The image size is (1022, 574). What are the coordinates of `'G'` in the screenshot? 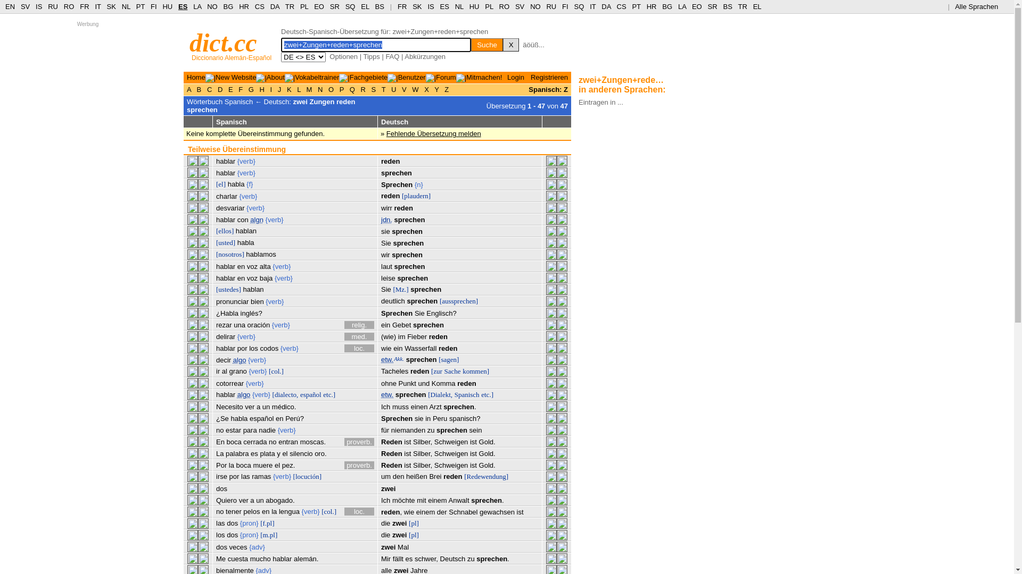 It's located at (250, 89).